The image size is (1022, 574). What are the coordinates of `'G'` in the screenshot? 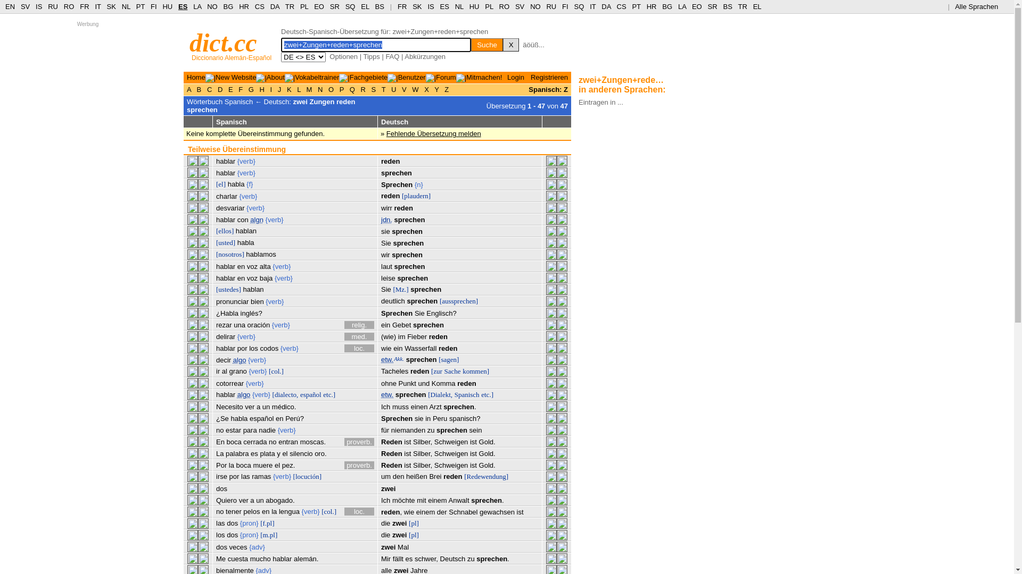 It's located at (250, 89).